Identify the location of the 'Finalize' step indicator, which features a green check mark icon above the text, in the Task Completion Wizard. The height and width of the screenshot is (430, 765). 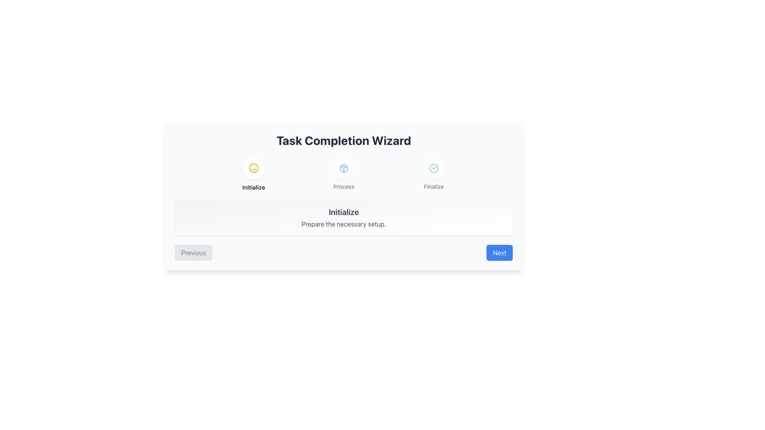
(433, 173).